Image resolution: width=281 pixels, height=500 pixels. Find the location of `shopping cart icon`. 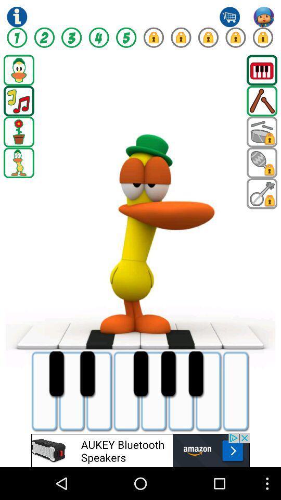

shopping cart icon is located at coordinates (229, 16).